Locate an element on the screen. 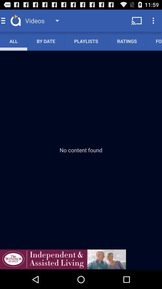 The height and width of the screenshot is (289, 162). open advertisement is located at coordinates (63, 259).